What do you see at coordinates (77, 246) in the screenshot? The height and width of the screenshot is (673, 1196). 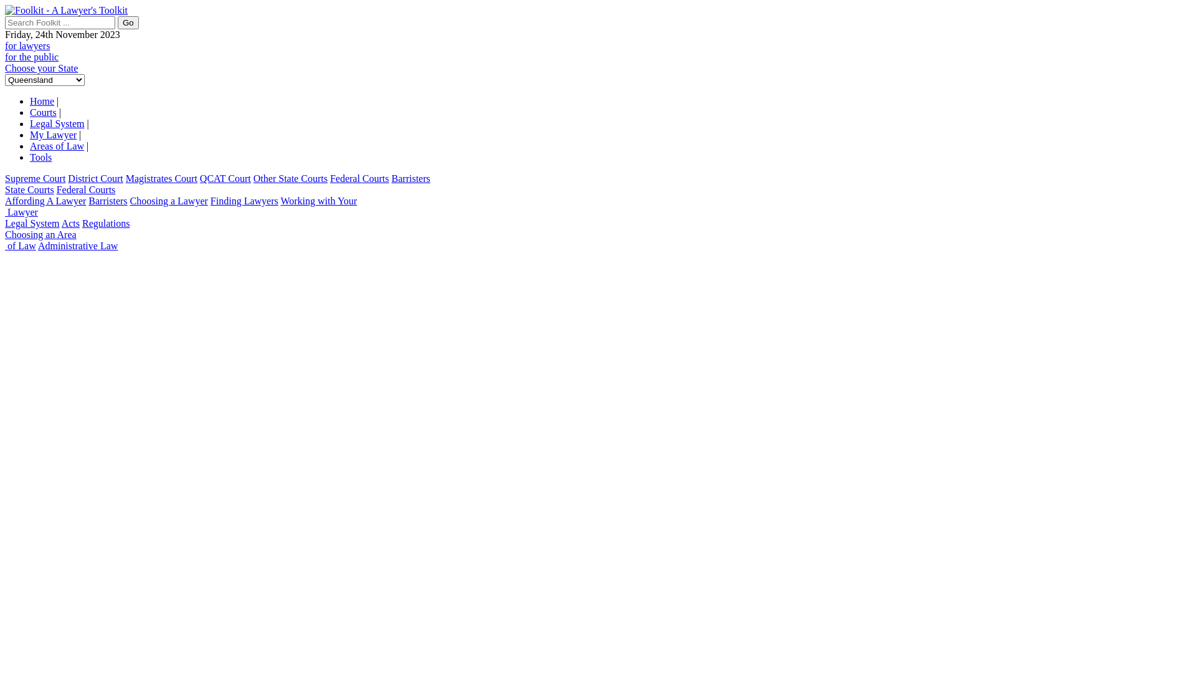 I see `'Administrative Law'` at bounding box center [77, 246].